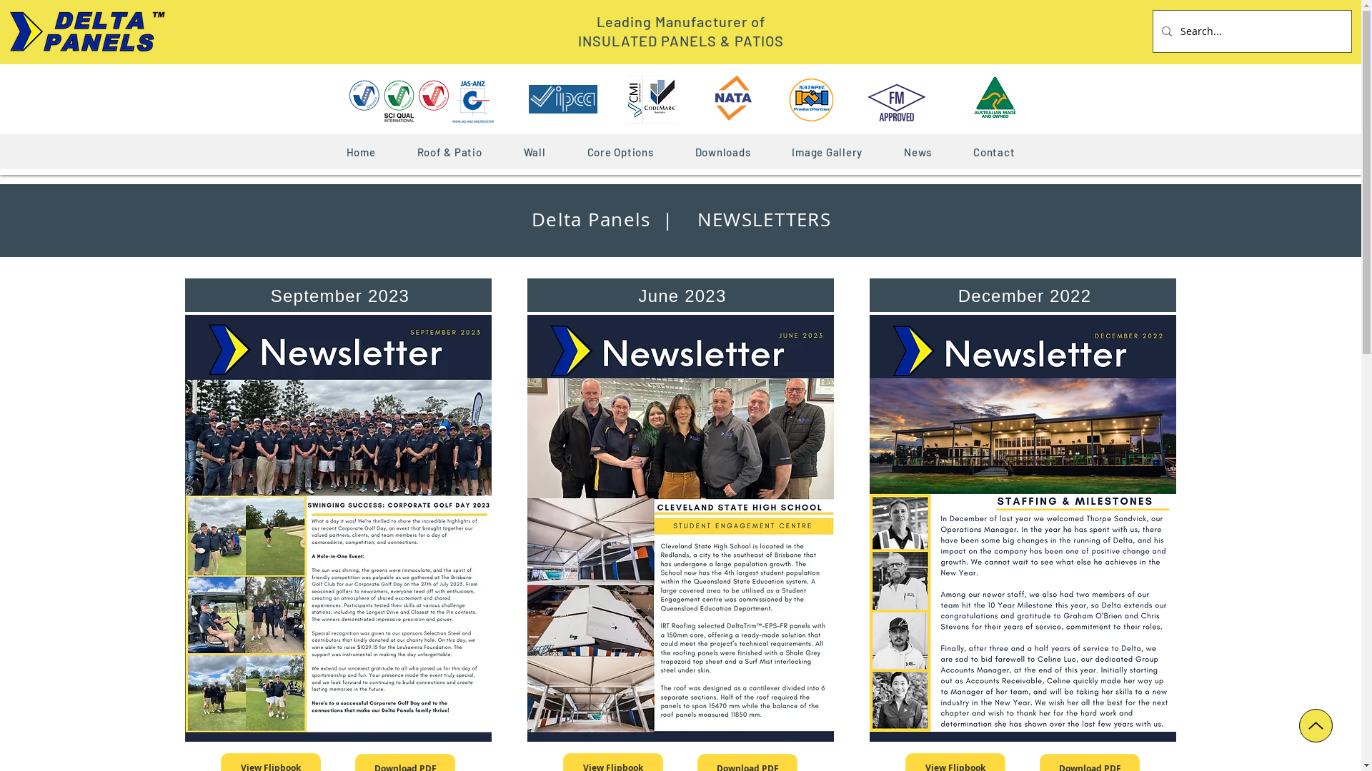 The width and height of the screenshot is (1372, 771). What do you see at coordinates (993, 151) in the screenshot?
I see `'Contact'` at bounding box center [993, 151].